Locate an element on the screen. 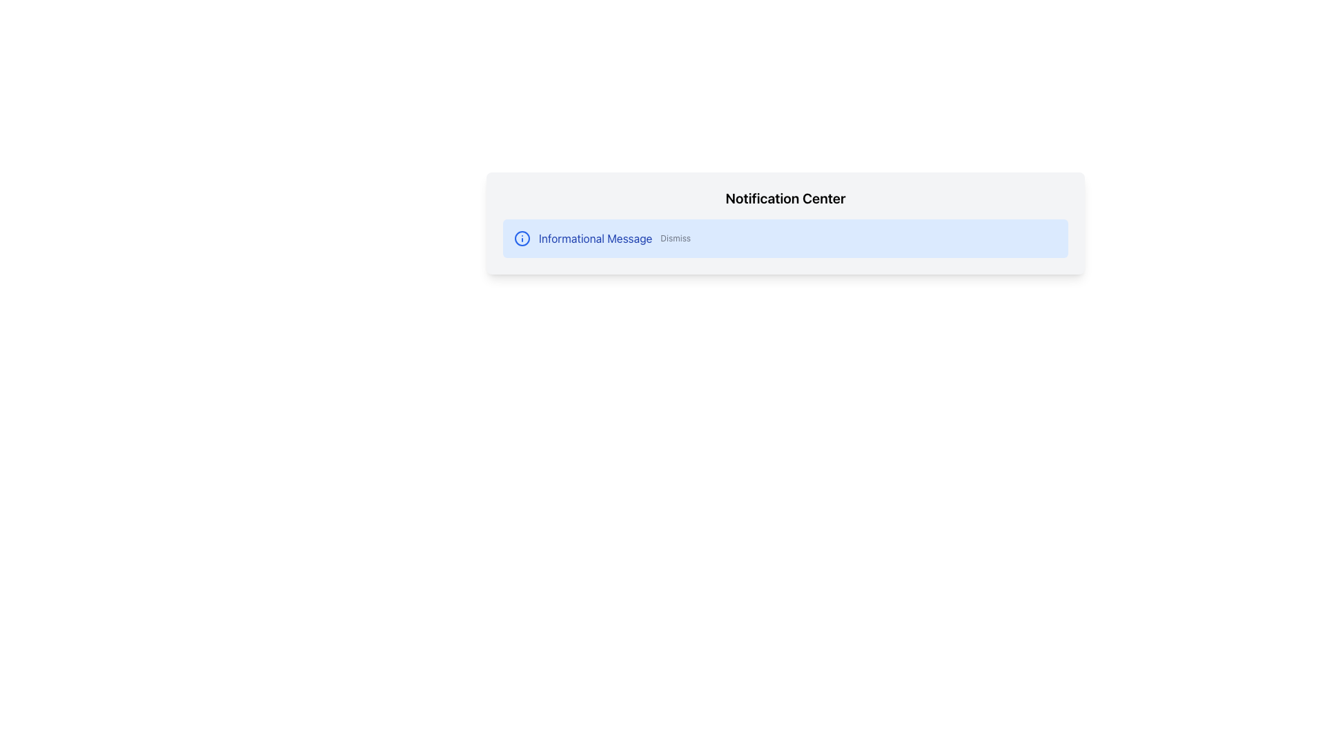 Image resolution: width=1325 pixels, height=745 pixels. the 'Informational Message' text label, which is styled in blue and located within the notification panel, positioned between an informational icon and a 'Dismiss' action link is located at coordinates (596, 238).